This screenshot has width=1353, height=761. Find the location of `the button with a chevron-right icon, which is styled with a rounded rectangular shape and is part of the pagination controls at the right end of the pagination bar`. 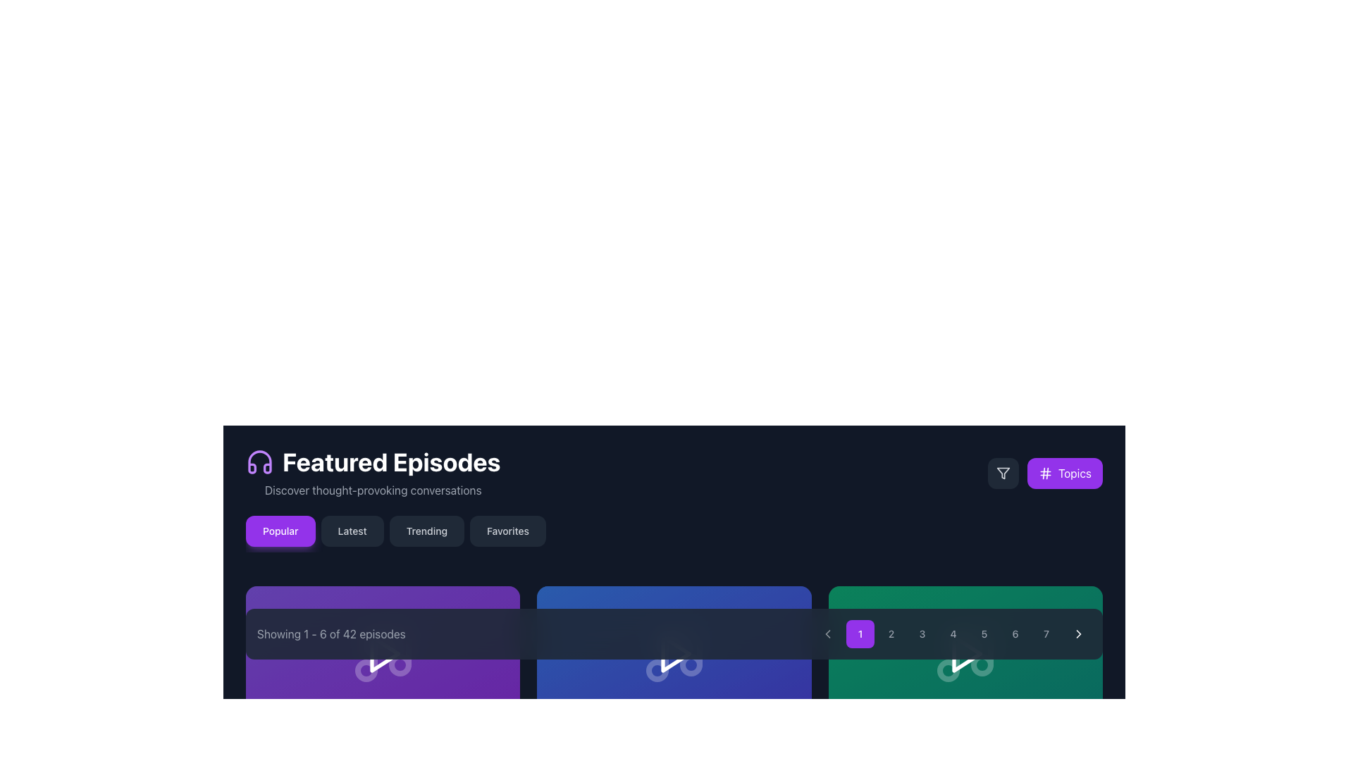

the button with a chevron-right icon, which is styled with a rounded rectangular shape and is part of the pagination controls at the right end of the pagination bar is located at coordinates (1078, 633).